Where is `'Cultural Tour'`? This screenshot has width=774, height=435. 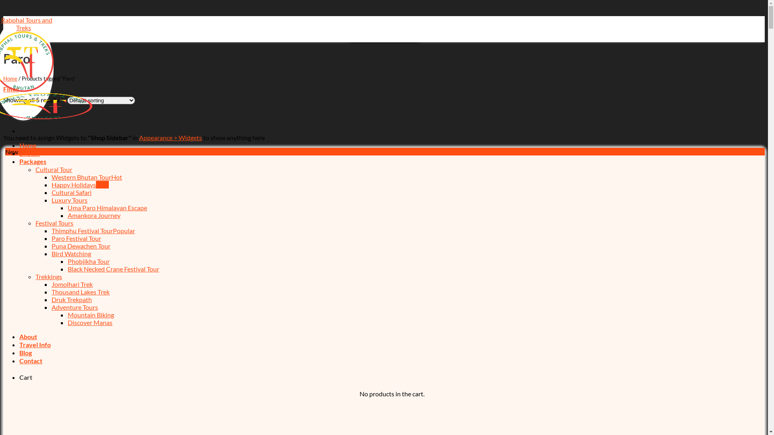
'Cultural Tour' is located at coordinates (35, 169).